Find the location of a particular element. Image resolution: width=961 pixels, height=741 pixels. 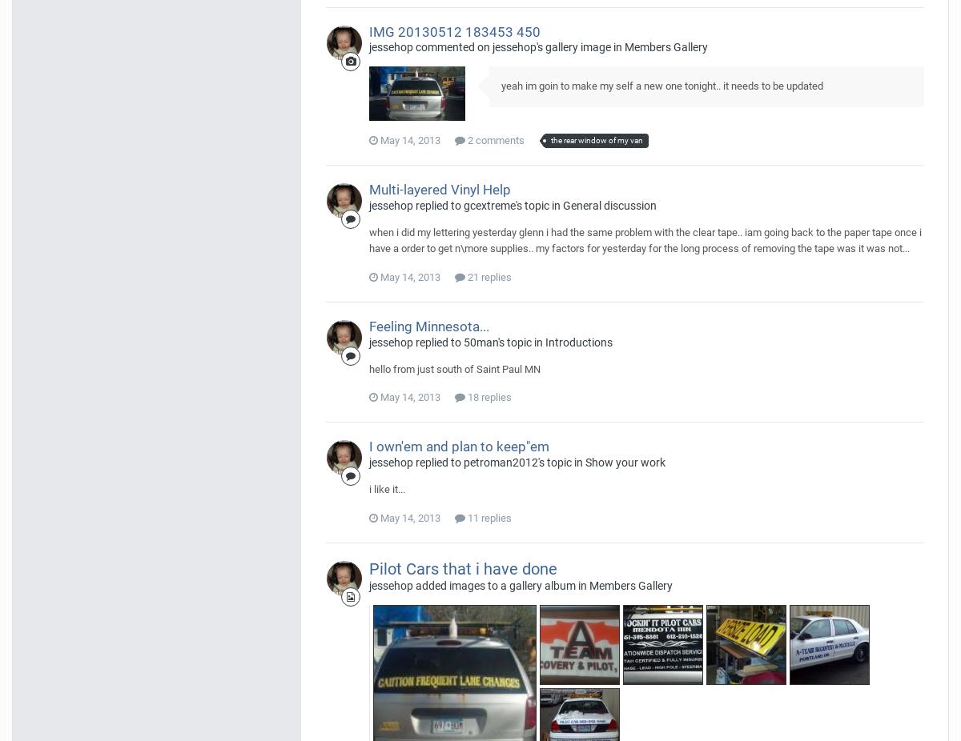

'jessehop replied to petroman2012's topic in' is located at coordinates (476, 460).